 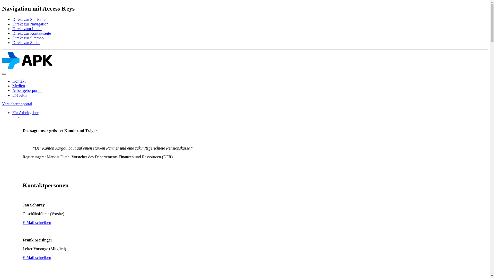 What do you see at coordinates (31, 33) in the screenshot?
I see `'Direkt zur Kontaktseite'` at bounding box center [31, 33].